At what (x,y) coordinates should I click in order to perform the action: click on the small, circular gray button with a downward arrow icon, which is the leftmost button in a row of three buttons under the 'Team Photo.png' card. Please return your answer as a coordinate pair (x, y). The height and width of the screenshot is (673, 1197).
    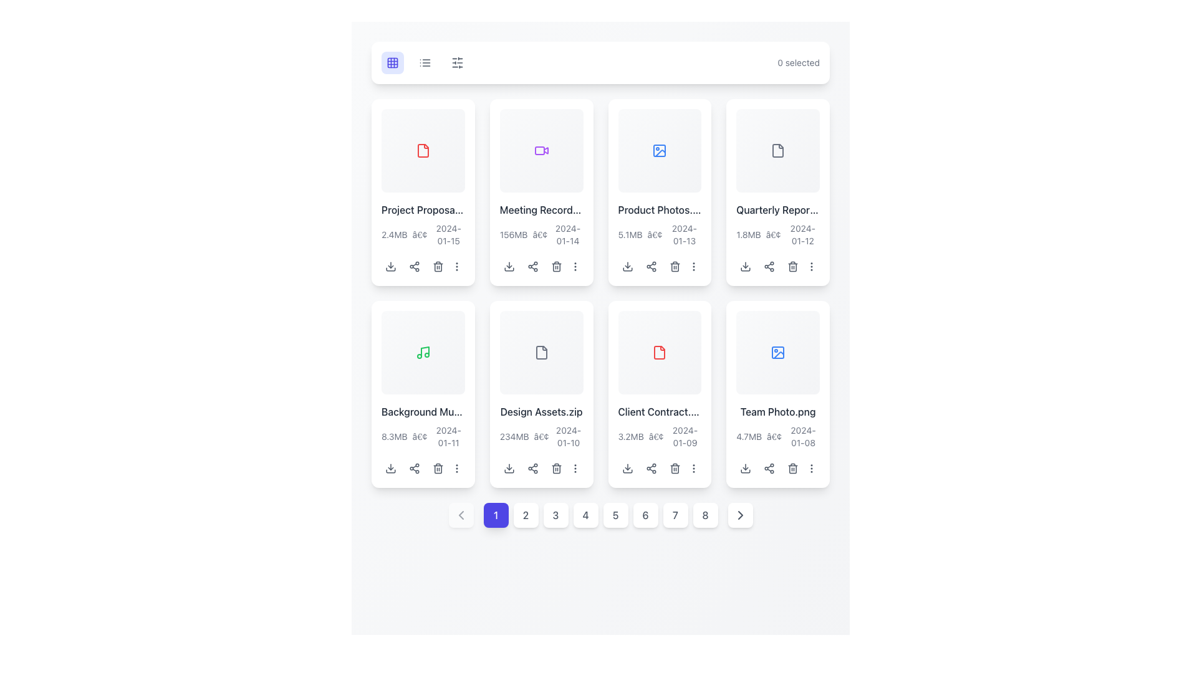
    Looking at the image, I should click on (746, 468).